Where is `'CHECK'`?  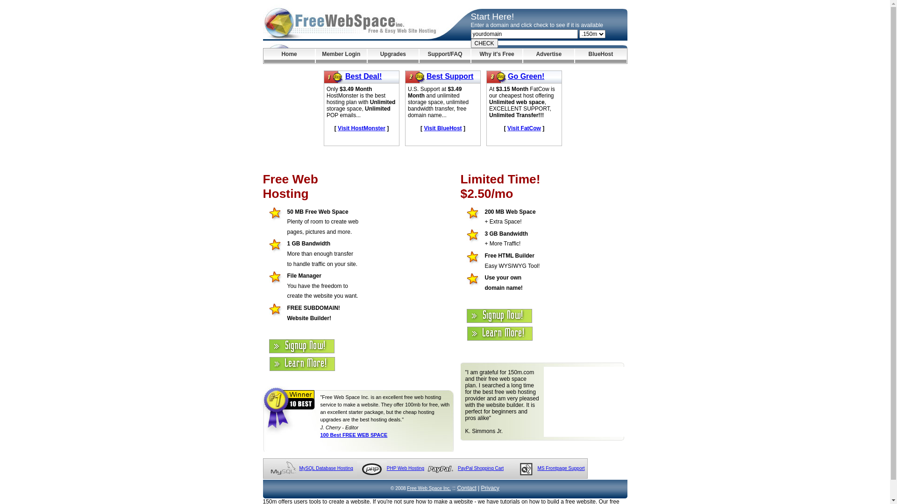 'CHECK' is located at coordinates (471, 43).